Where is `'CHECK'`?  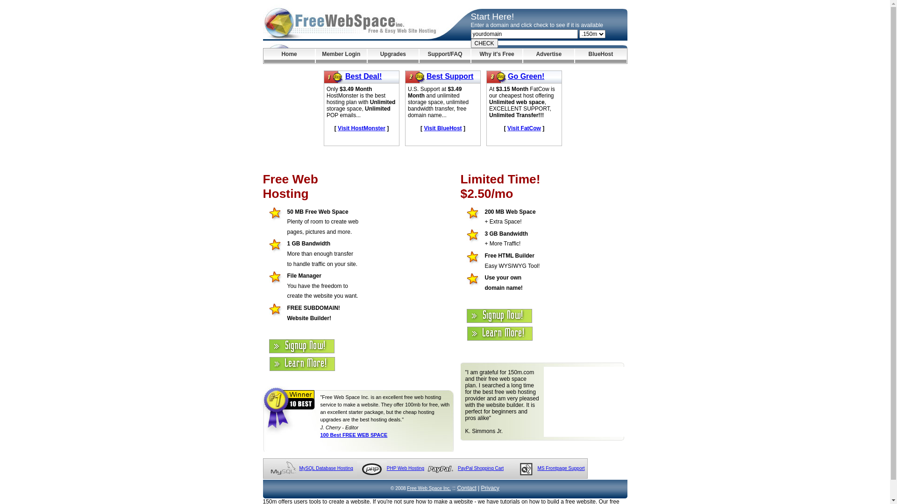 'CHECK' is located at coordinates (471, 43).